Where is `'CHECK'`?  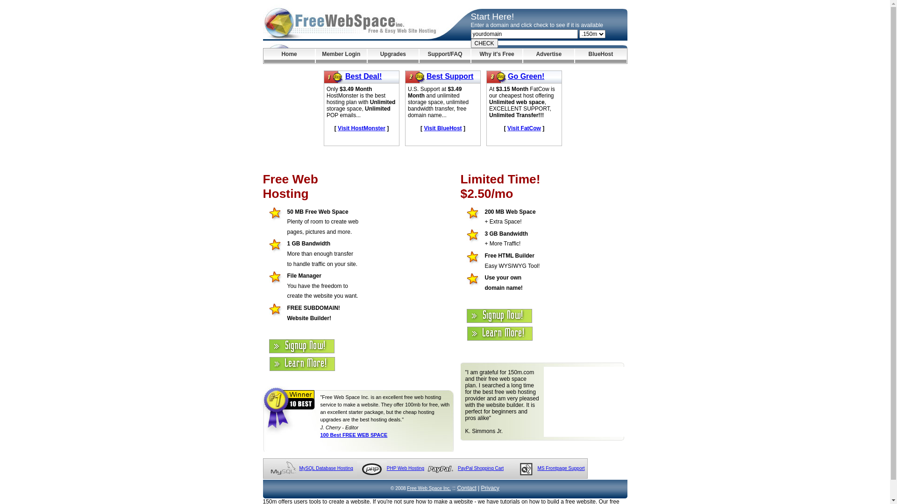 'CHECK' is located at coordinates (471, 43).